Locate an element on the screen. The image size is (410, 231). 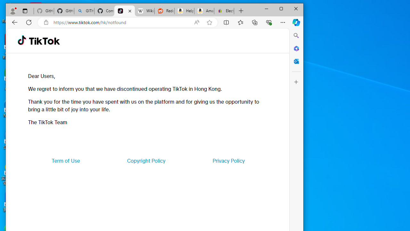
'TikTok' is located at coordinates (125, 11).